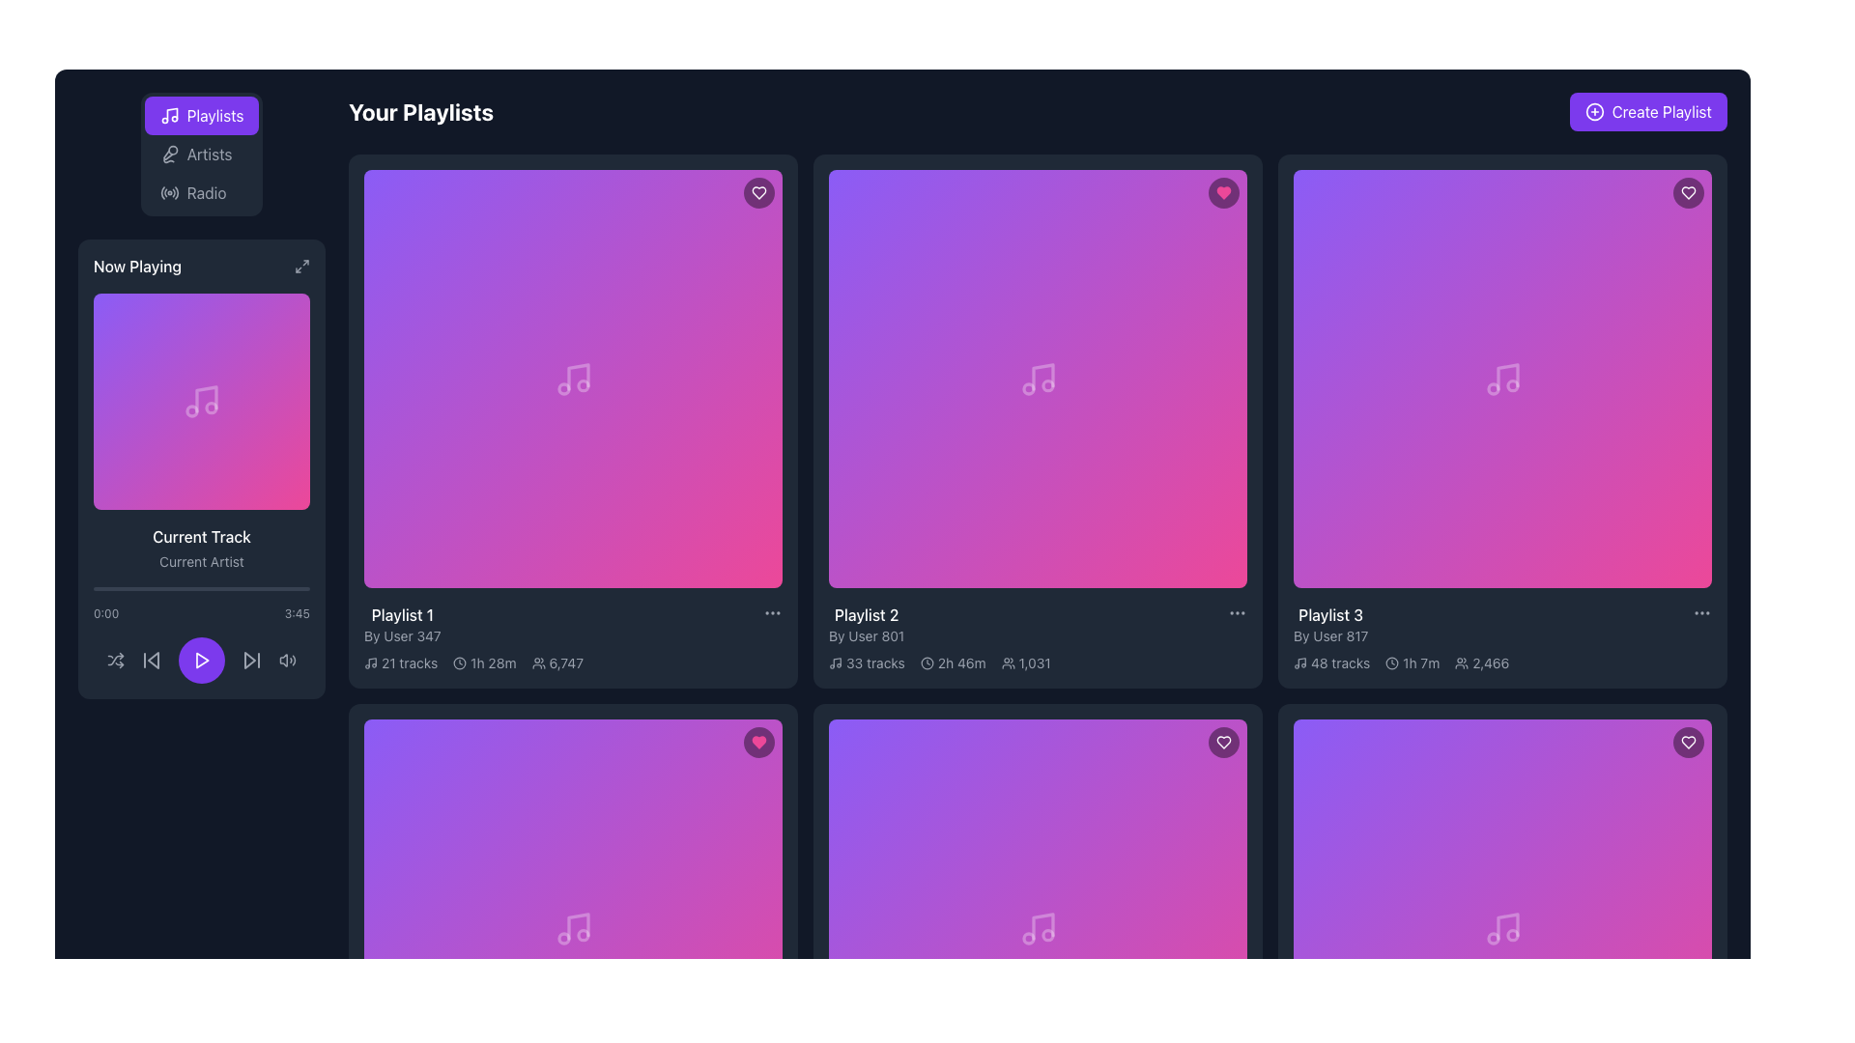  I want to click on the playlist duration icon located in the metadata row of 'Playlist 1', positioned below the playlist title and next to the '1h 28m' text, so click(459, 662).